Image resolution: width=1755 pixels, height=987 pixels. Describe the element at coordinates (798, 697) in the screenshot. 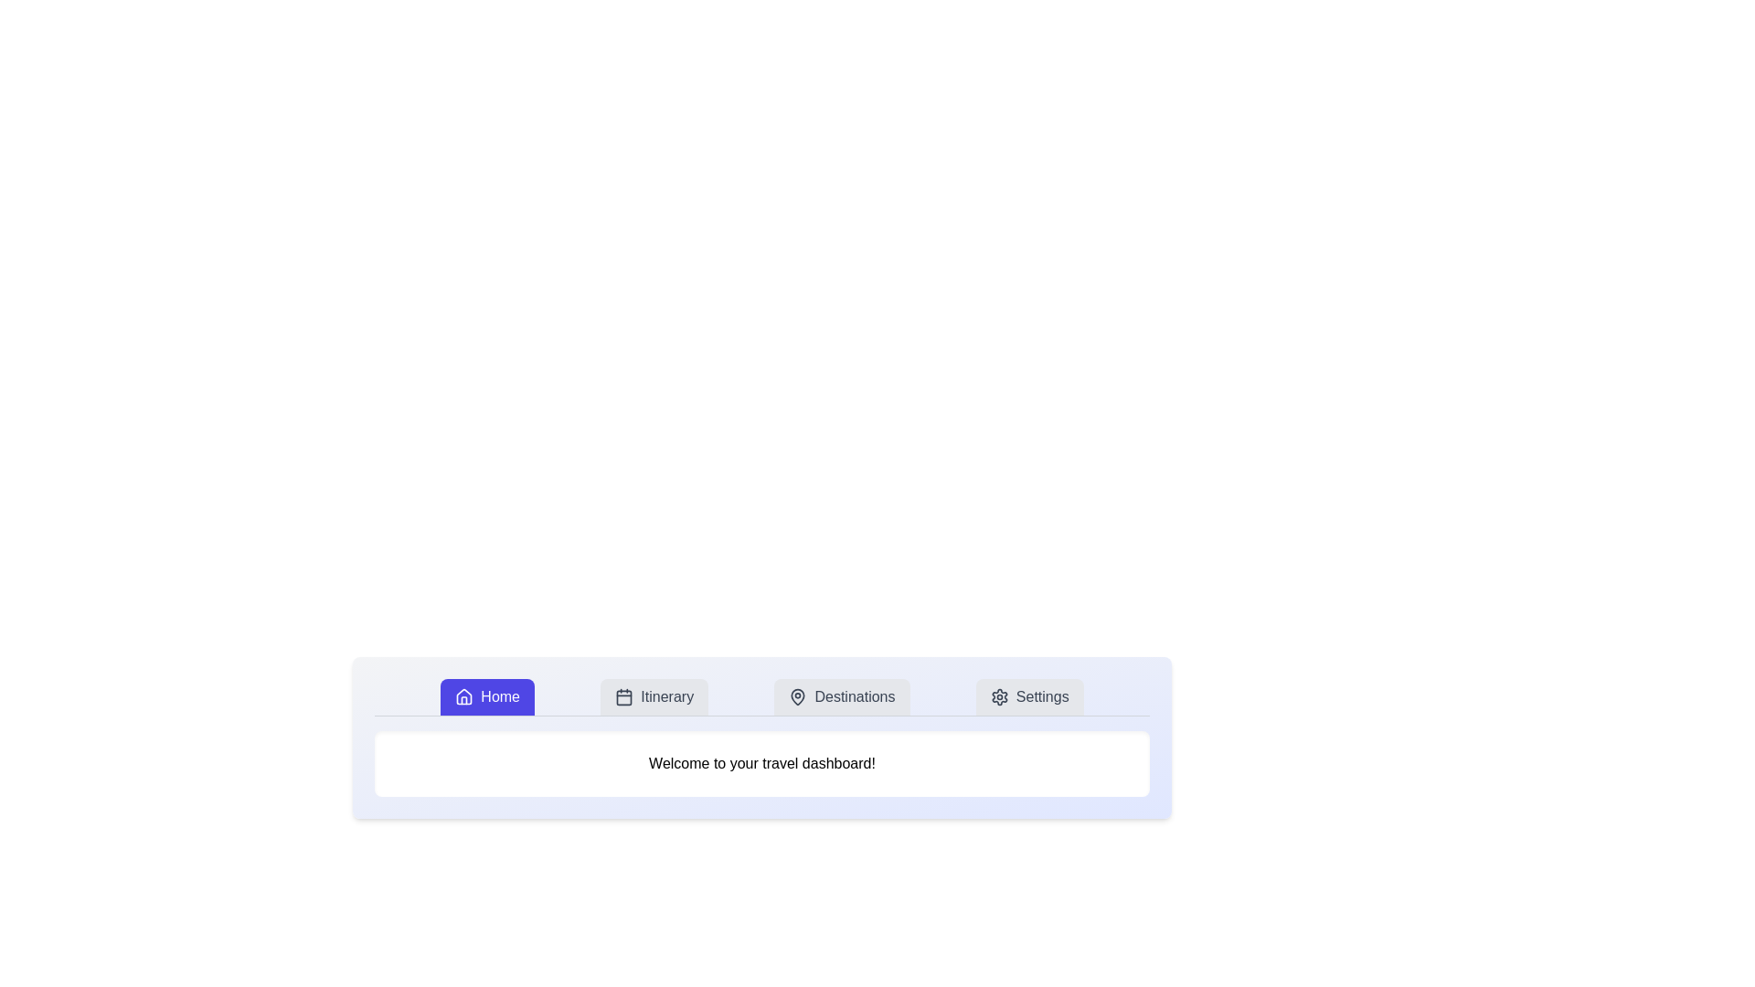

I see `the map pin icon located in the 'Destinations' tab of the navigation bar, which is positioned to the left of the text label 'Destinations'` at that location.